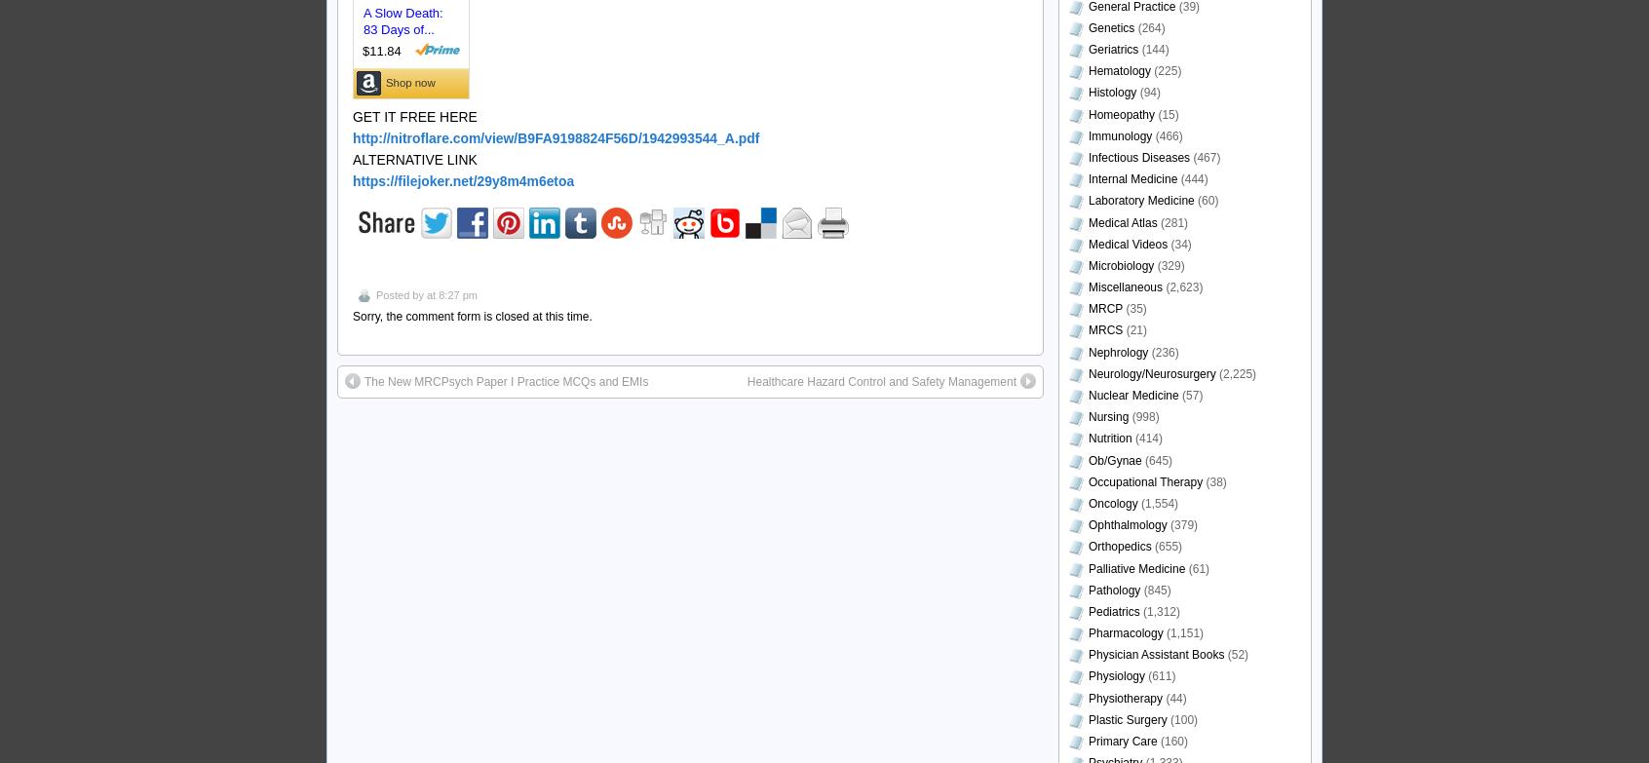 This screenshot has height=763, width=1649. What do you see at coordinates (1104, 330) in the screenshot?
I see `'MRCS'` at bounding box center [1104, 330].